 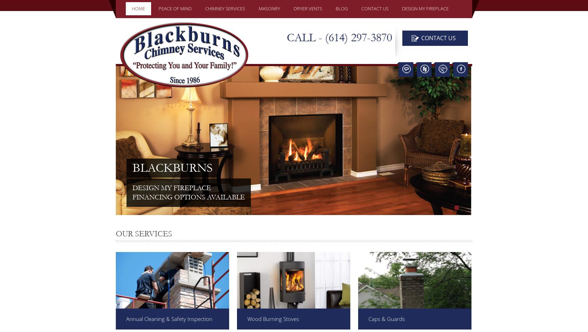 What do you see at coordinates (169, 319) in the screenshot?
I see `'Annual Cleaning & Safety Inspection'` at bounding box center [169, 319].